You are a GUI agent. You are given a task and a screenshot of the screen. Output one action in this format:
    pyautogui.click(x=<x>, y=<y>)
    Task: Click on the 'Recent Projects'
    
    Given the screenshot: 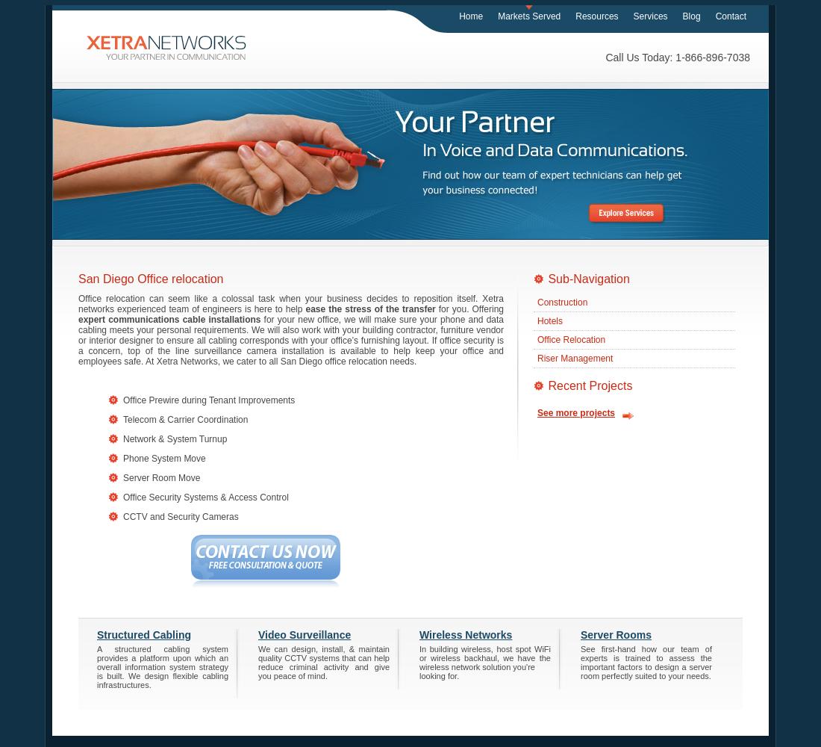 What is the action you would take?
    pyautogui.click(x=588, y=385)
    